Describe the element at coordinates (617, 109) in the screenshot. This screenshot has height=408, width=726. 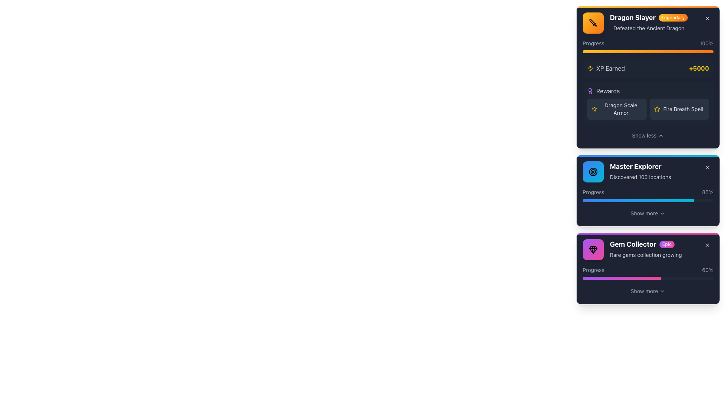
I see `the Label displaying 'Dragon Scale Armor' with a yellow star icon, located in the 'Dragon Slayer' section of rewards grid` at that location.